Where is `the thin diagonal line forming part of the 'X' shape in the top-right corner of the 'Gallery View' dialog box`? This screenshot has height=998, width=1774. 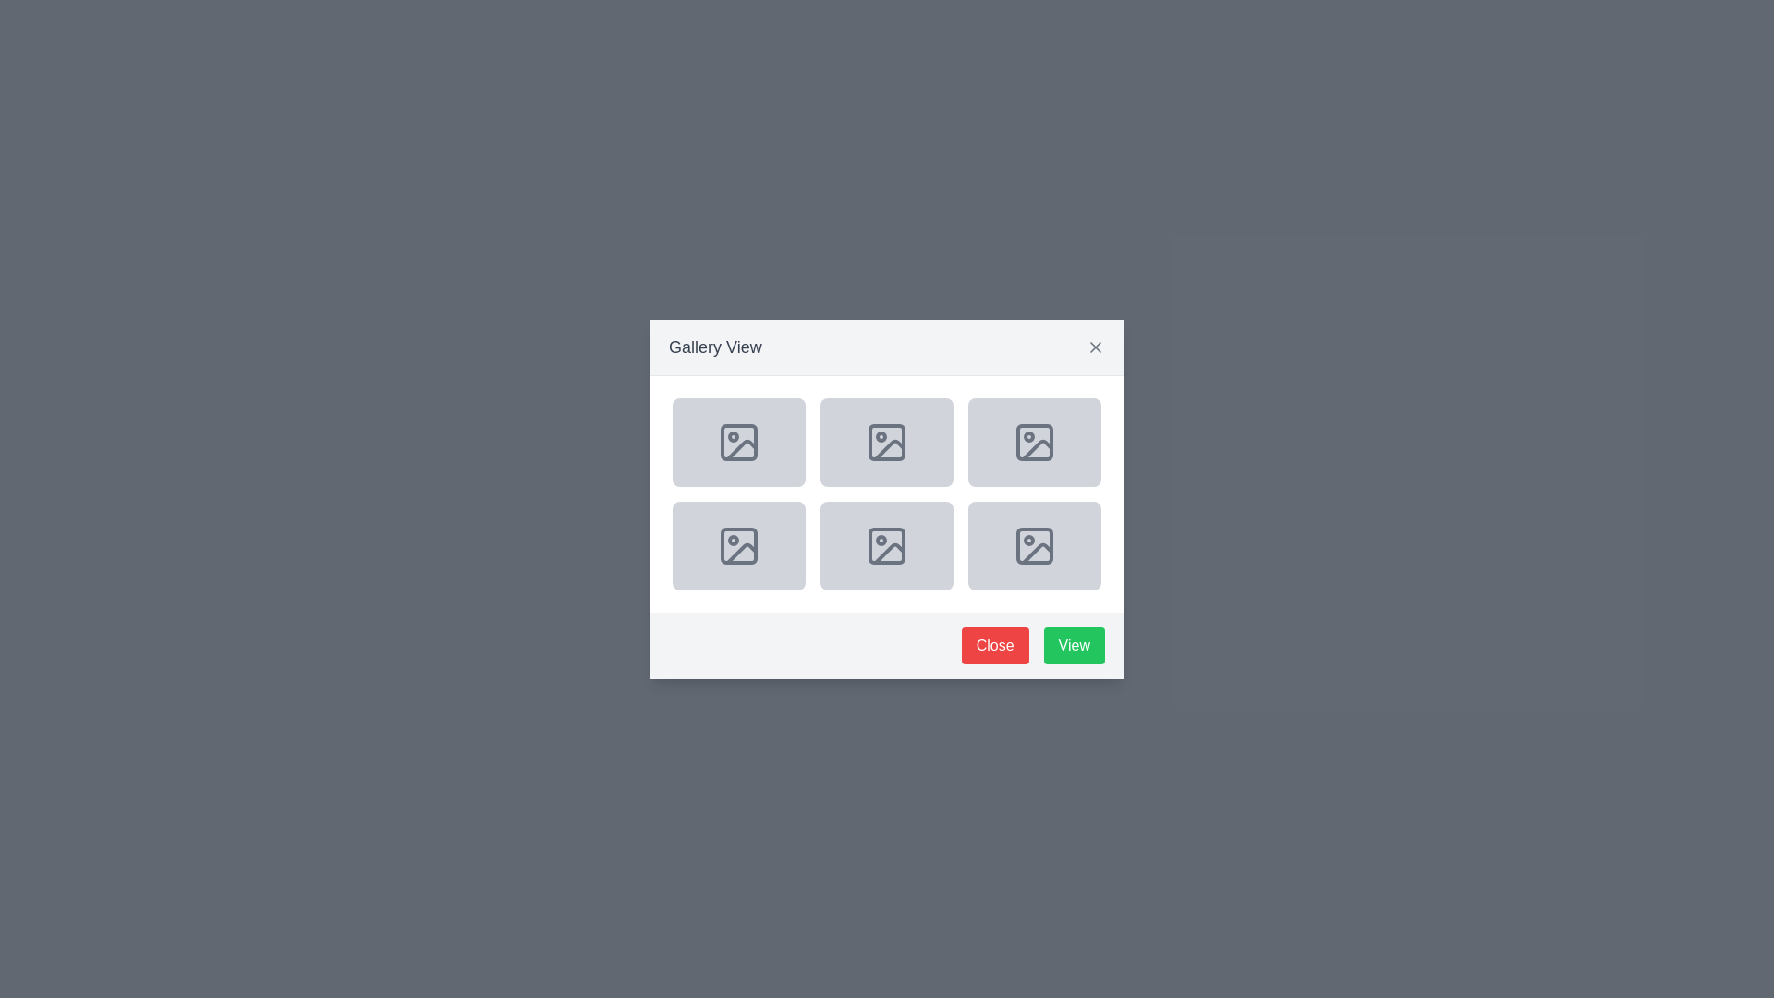
the thin diagonal line forming part of the 'X' shape in the top-right corner of the 'Gallery View' dialog box is located at coordinates (1095, 347).